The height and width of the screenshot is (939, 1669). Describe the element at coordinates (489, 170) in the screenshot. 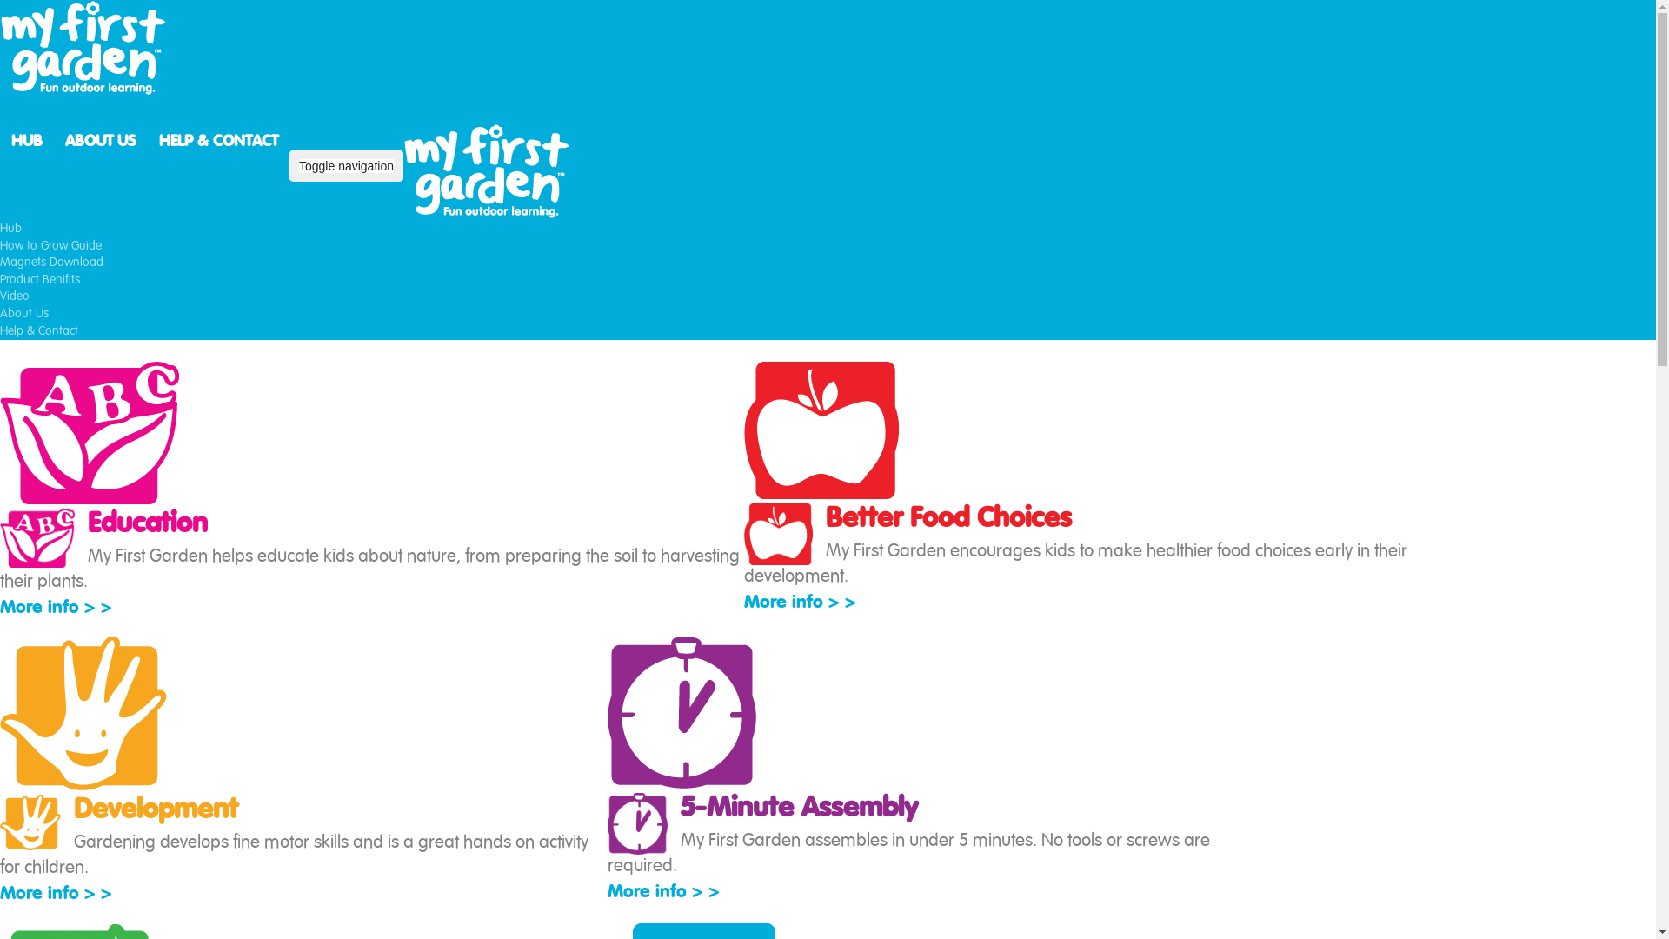

I see `'My First Garden'` at that location.